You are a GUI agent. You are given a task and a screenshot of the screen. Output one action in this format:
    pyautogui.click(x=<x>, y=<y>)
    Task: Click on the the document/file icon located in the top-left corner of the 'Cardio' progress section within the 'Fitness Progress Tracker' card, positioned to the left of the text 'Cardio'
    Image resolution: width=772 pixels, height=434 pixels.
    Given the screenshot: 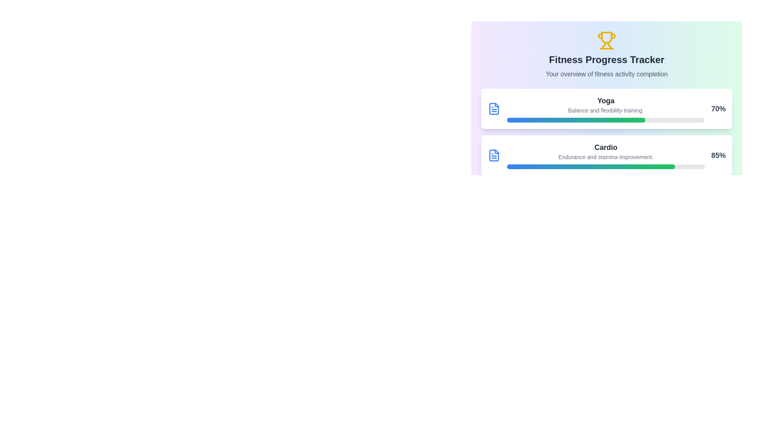 What is the action you would take?
    pyautogui.click(x=493, y=155)
    